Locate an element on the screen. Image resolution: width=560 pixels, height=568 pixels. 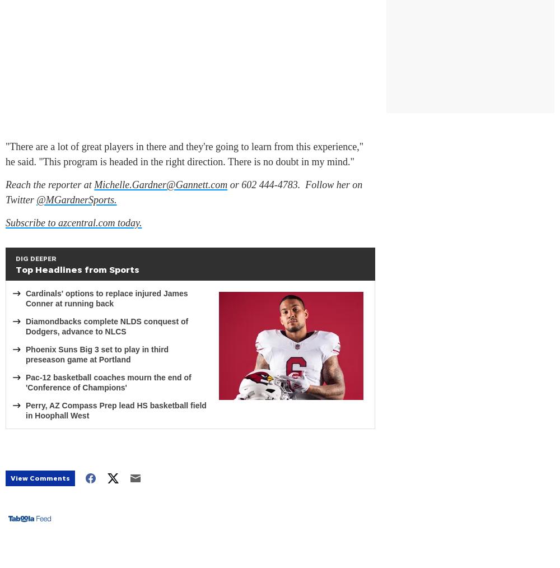
'View Comments' is located at coordinates (40, 477).